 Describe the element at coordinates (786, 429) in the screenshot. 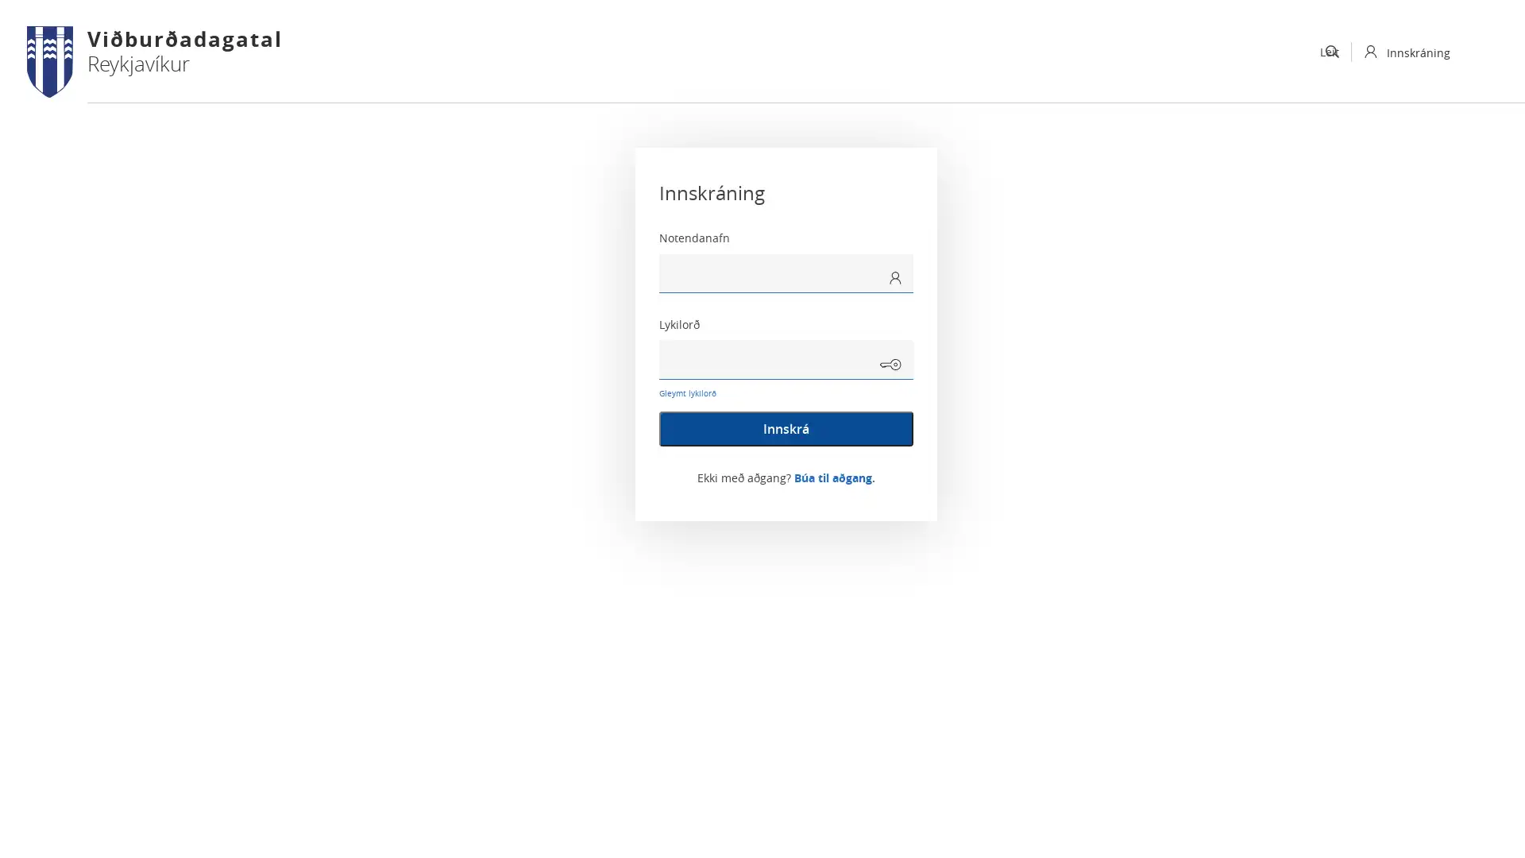

I see `Innskra` at that location.